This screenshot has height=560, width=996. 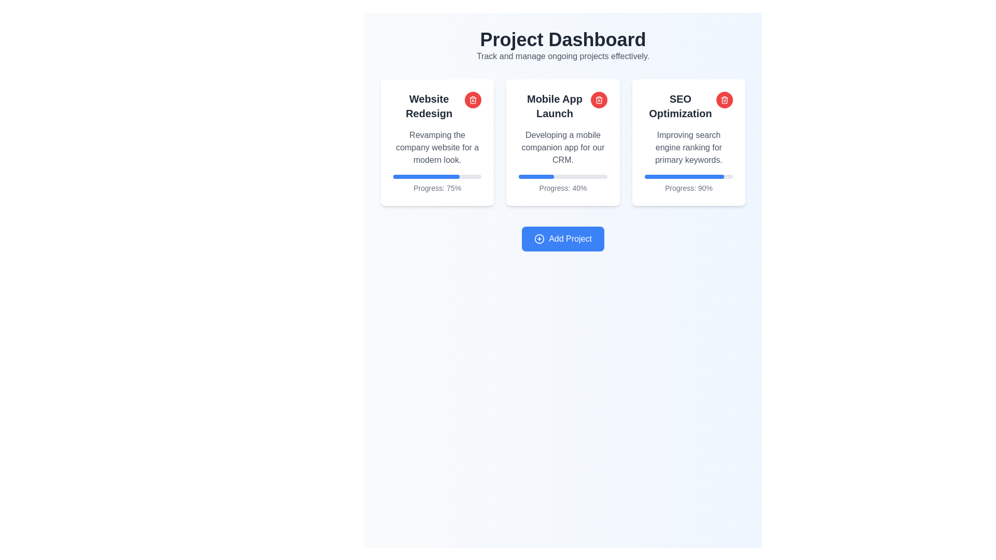 What do you see at coordinates (688, 188) in the screenshot?
I see `the progress percentage text label located at the bottom of the 'SEO Optimization' project card, directly under the progress bar` at bounding box center [688, 188].